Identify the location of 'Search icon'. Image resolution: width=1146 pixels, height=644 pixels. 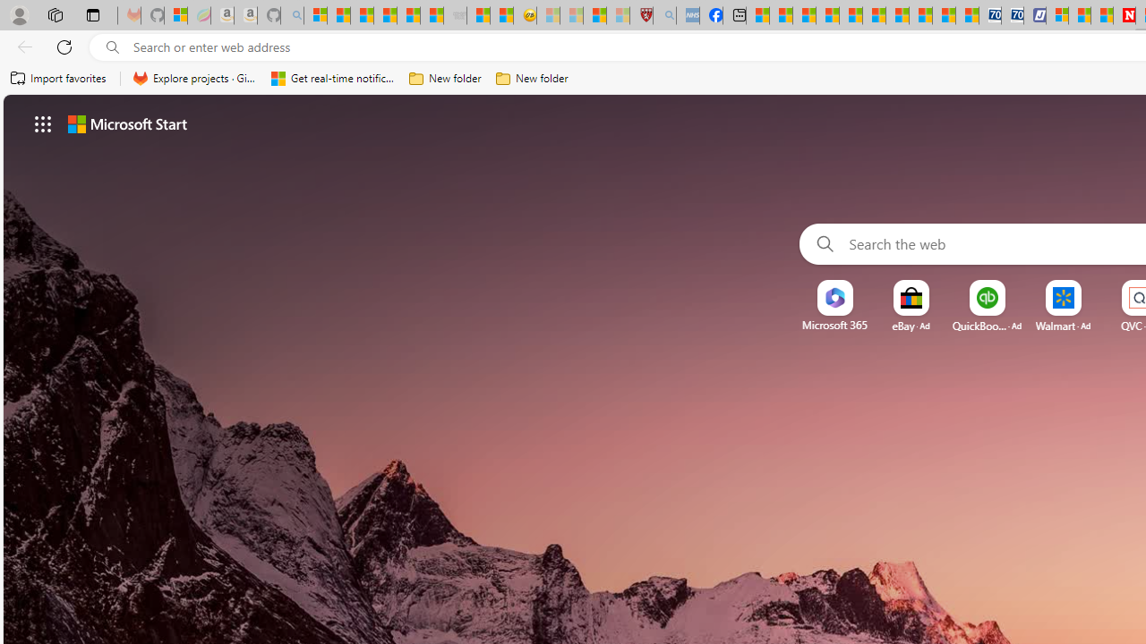
(112, 47).